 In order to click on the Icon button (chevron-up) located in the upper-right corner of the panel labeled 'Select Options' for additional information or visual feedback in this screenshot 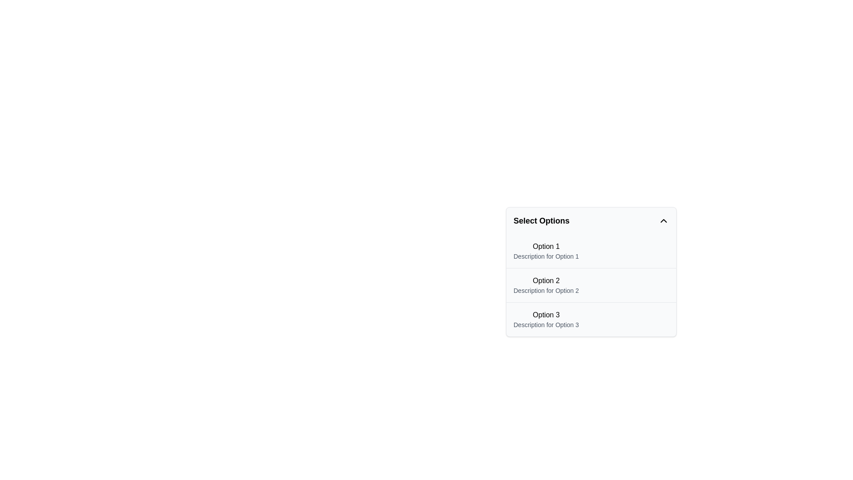, I will do `click(663, 220)`.